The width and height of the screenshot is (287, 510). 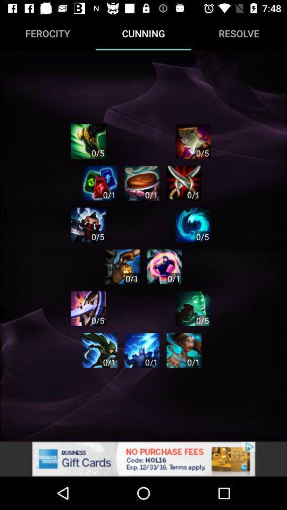 What do you see at coordinates (100, 350) in the screenshot?
I see `cunning` at bounding box center [100, 350].